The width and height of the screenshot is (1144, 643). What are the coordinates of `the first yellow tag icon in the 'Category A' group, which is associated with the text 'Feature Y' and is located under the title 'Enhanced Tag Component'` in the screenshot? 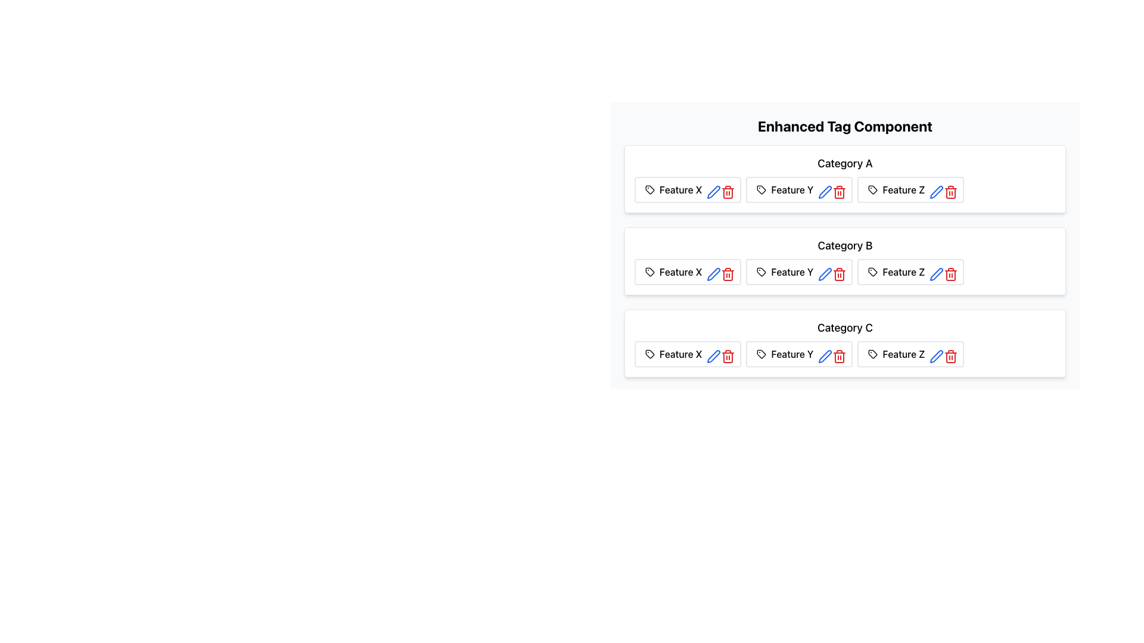 It's located at (761, 189).